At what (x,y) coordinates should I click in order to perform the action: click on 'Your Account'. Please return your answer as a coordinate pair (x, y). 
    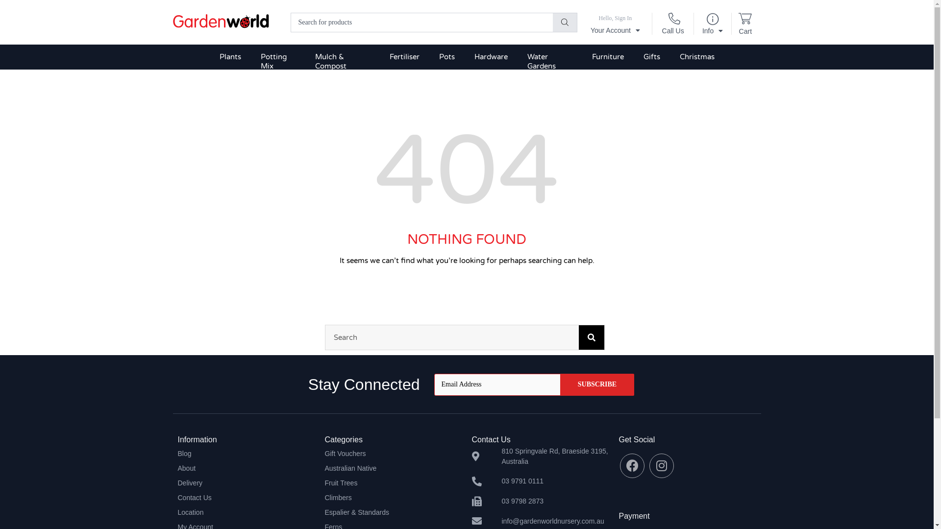
    Looking at the image, I should click on (615, 24).